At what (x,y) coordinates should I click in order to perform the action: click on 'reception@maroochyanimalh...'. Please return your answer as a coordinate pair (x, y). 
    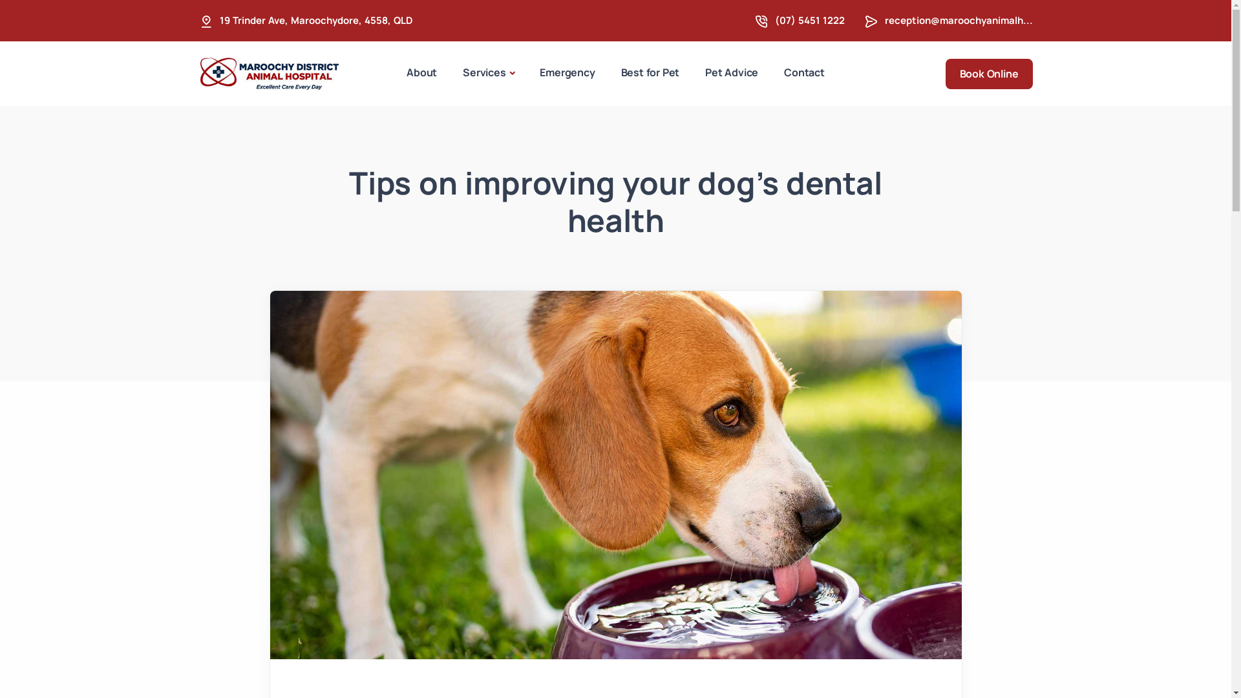
    Looking at the image, I should click on (958, 20).